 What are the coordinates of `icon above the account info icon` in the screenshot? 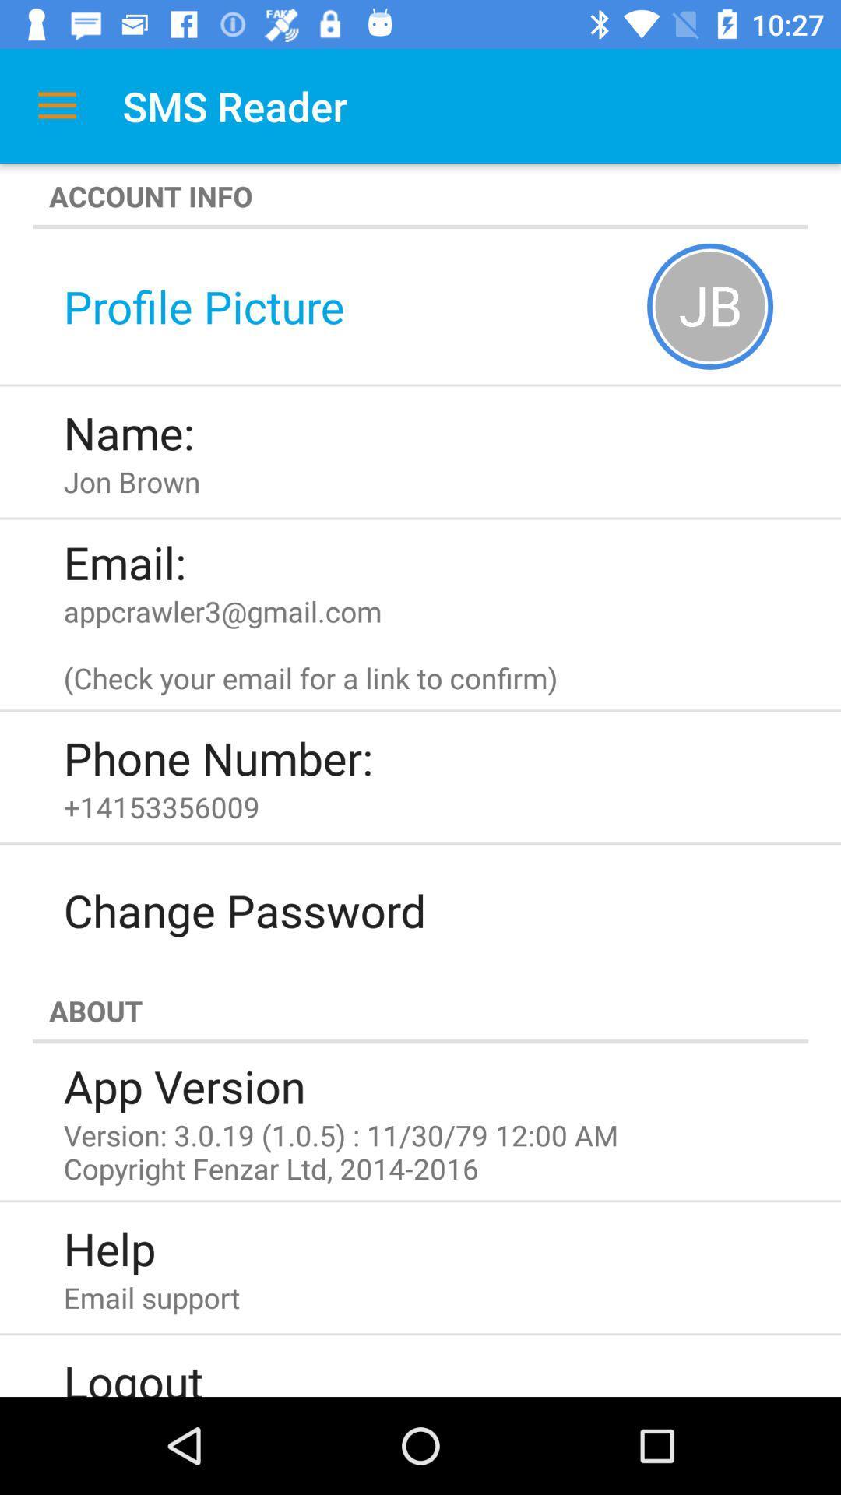 It's located at (56, 105).